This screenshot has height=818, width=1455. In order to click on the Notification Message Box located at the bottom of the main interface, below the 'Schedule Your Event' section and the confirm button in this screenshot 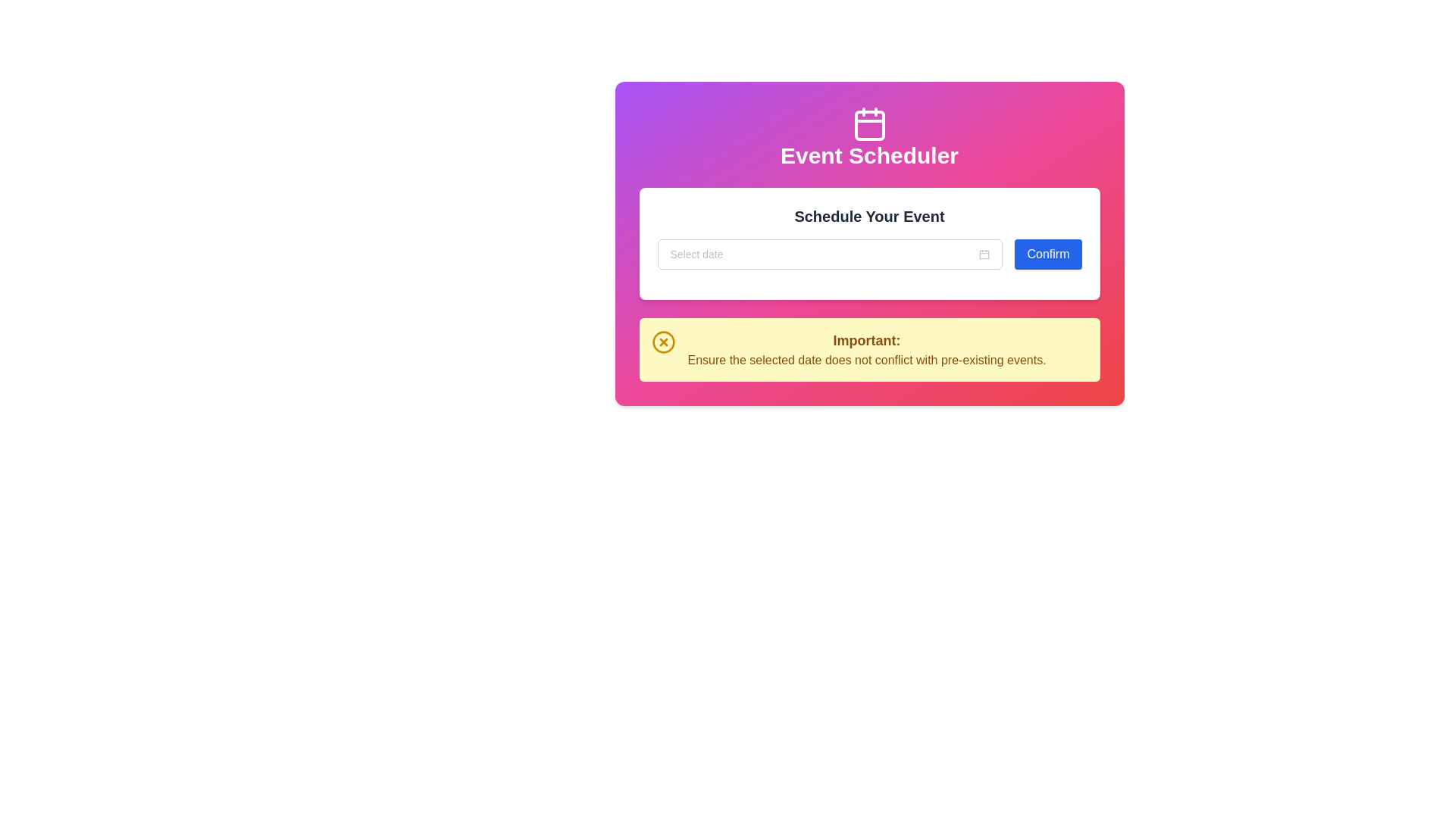, I will do `click(869, 350)`.